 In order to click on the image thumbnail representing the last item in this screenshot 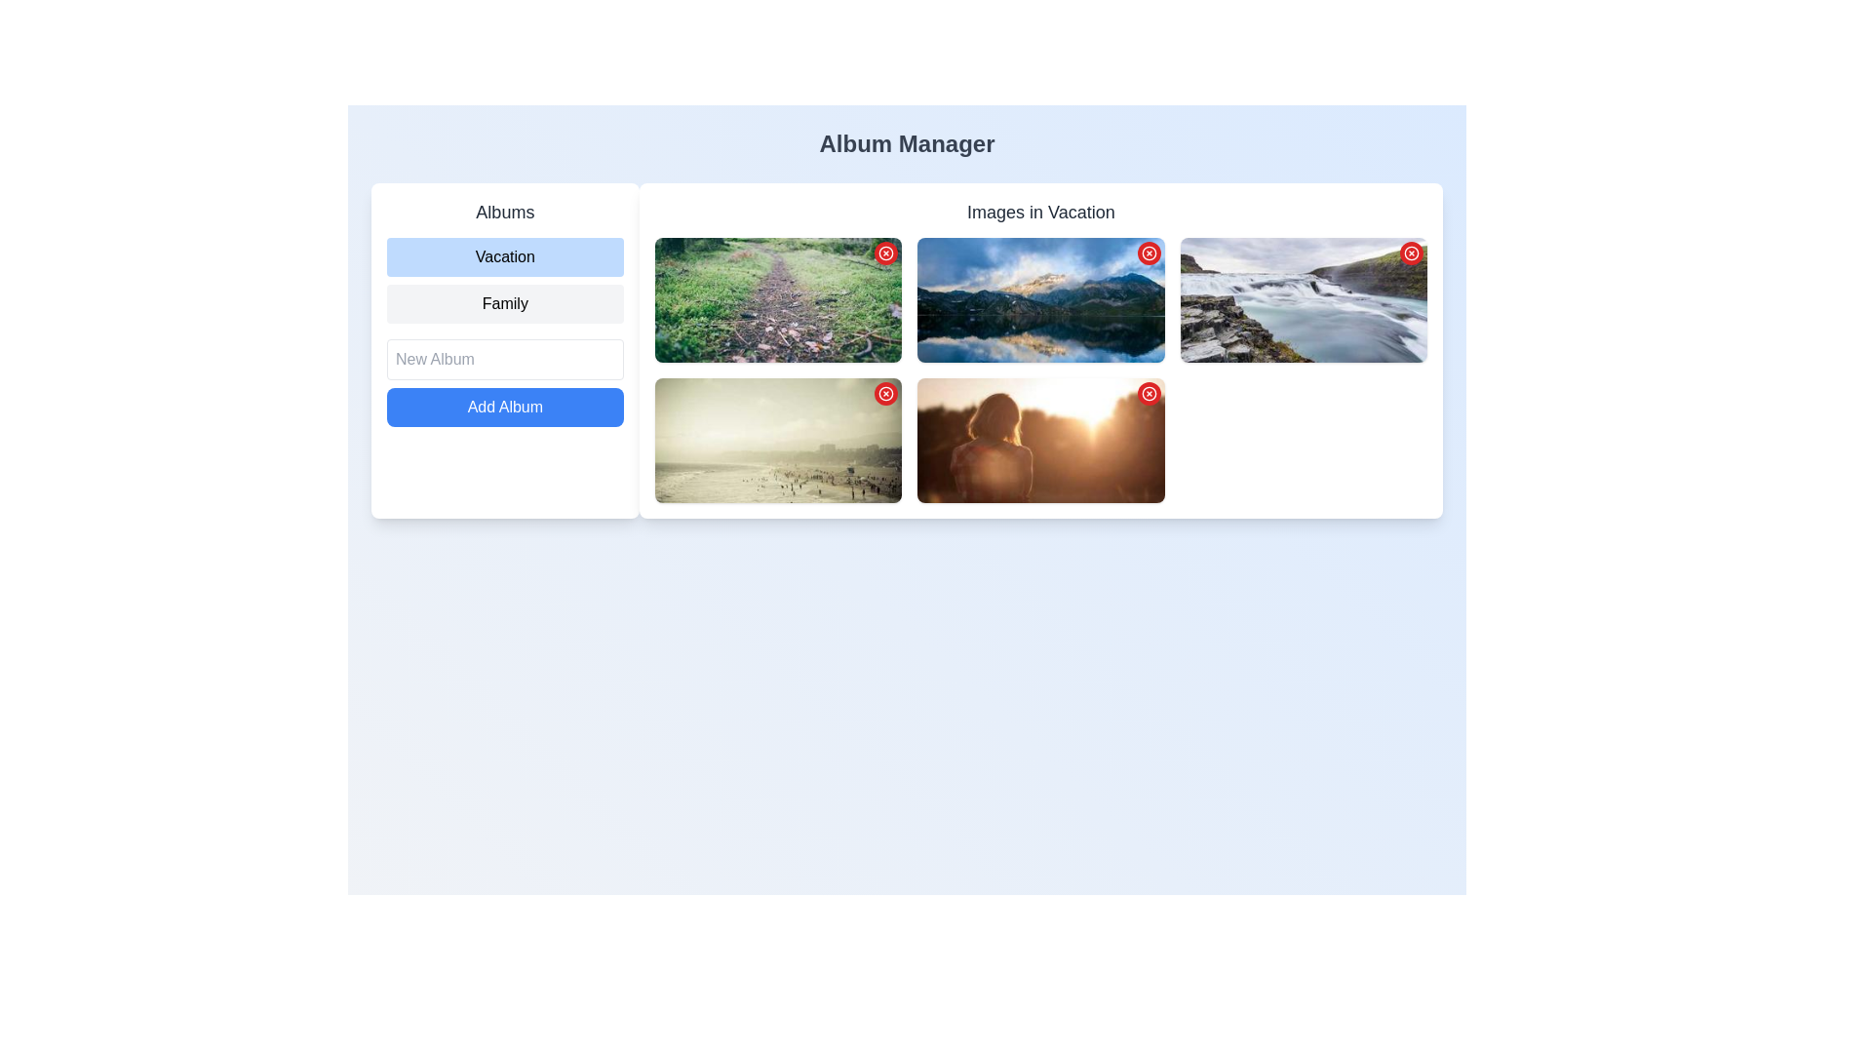, I will do `click(1039, 440)`.